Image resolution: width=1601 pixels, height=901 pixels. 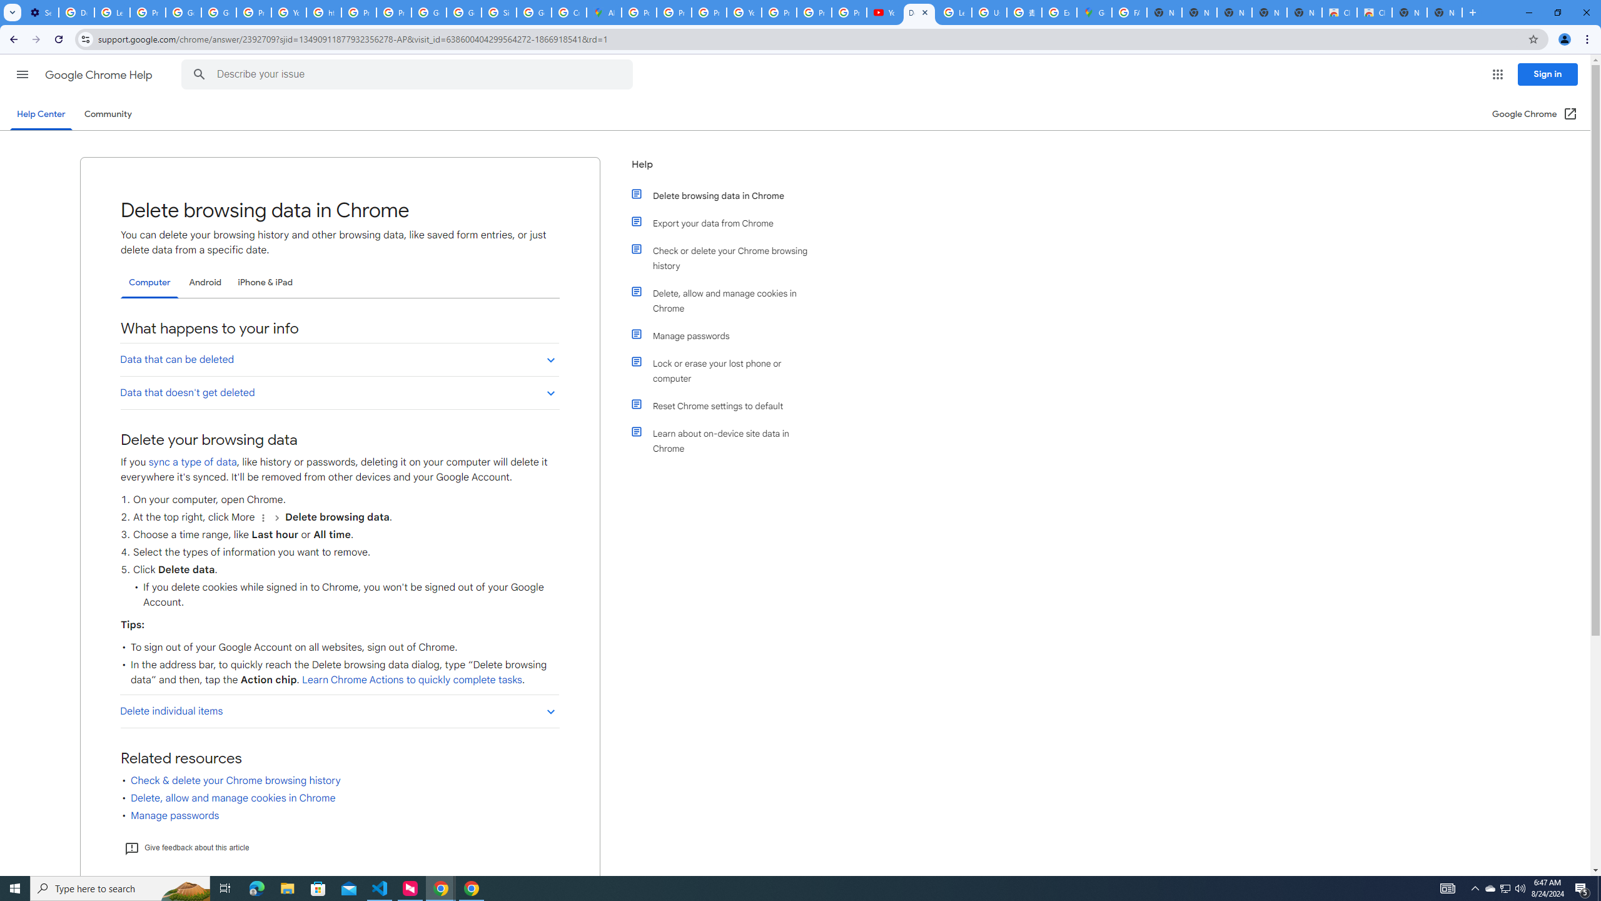 What do you see at coordinates (76, 12) in the screenshot?
I see `'Delete photos & videos - Computer - Google Photos Help'` at bounding box center [76, 12].